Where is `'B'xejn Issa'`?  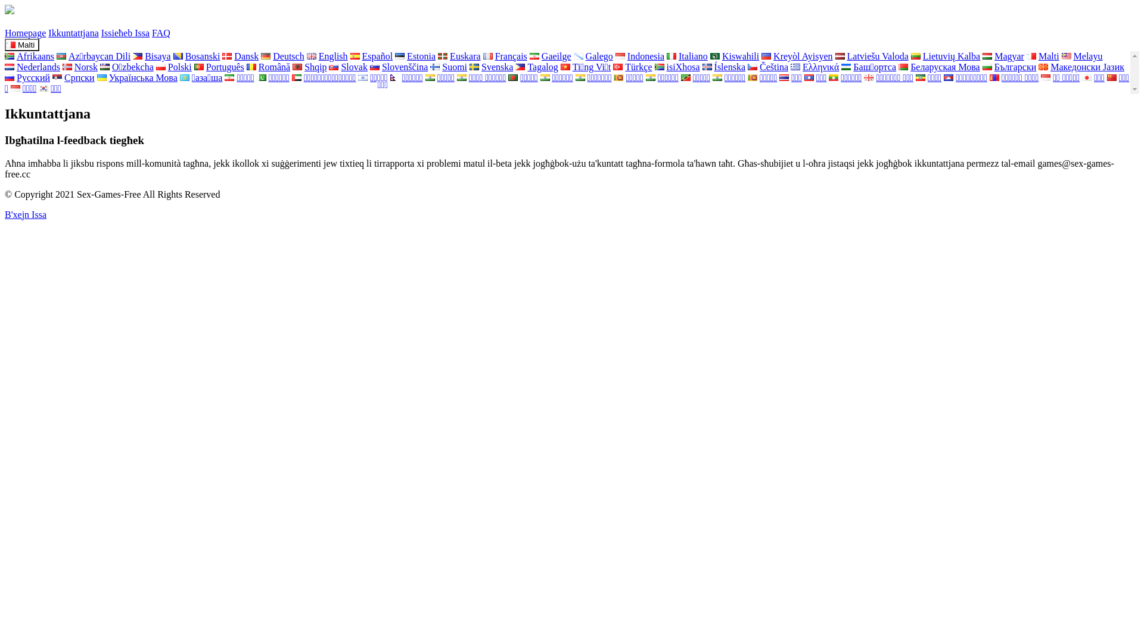 'B'xejn Issa' is located at coordinates (5, 215).